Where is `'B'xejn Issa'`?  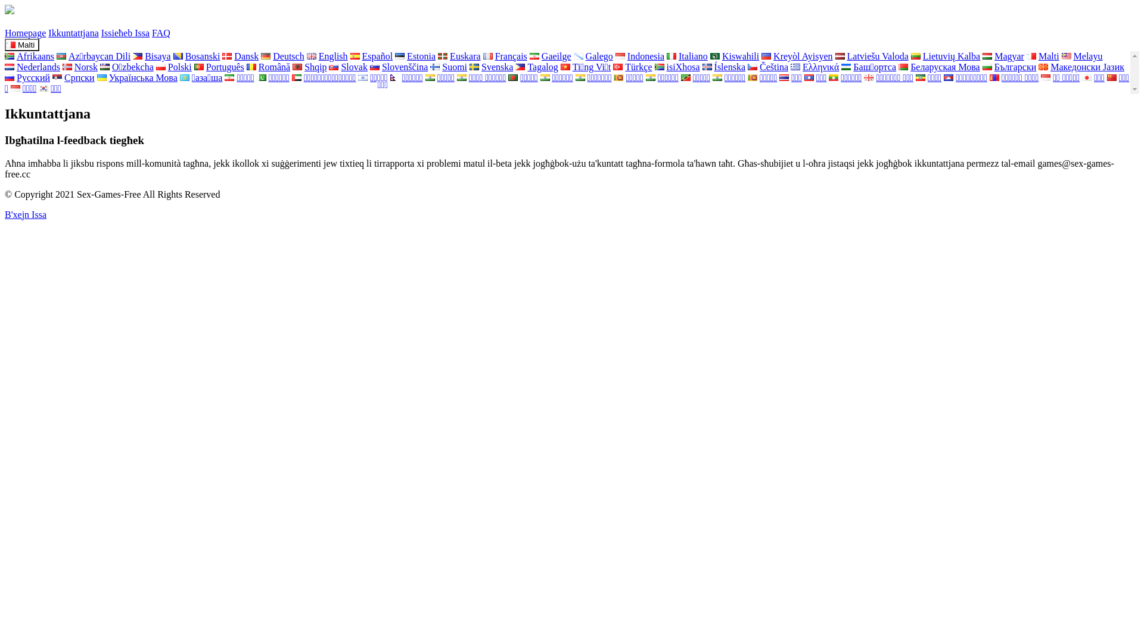 'B'xejn Issa' is located at coordinates (5, 215).